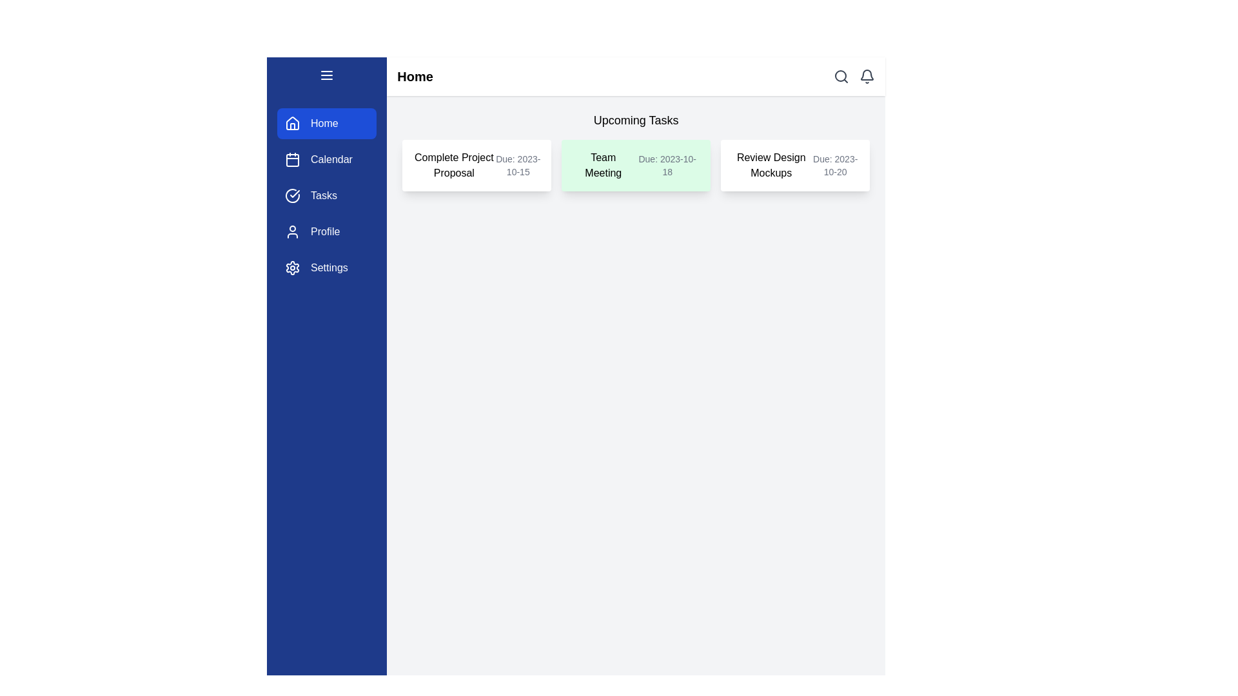  I want to click on the text label that represents the task management navigation option in the sidebar, so click(324, 196).